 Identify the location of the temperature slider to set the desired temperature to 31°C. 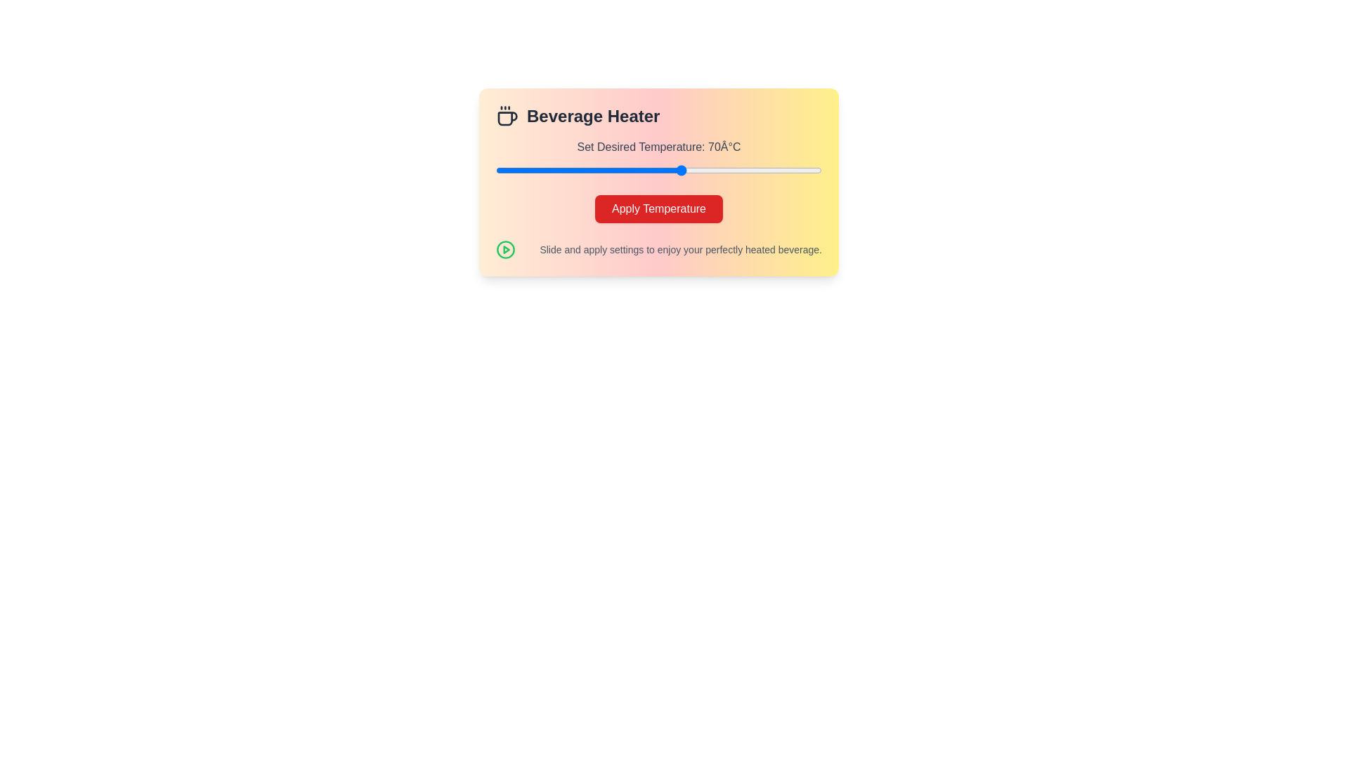
(500, 170).